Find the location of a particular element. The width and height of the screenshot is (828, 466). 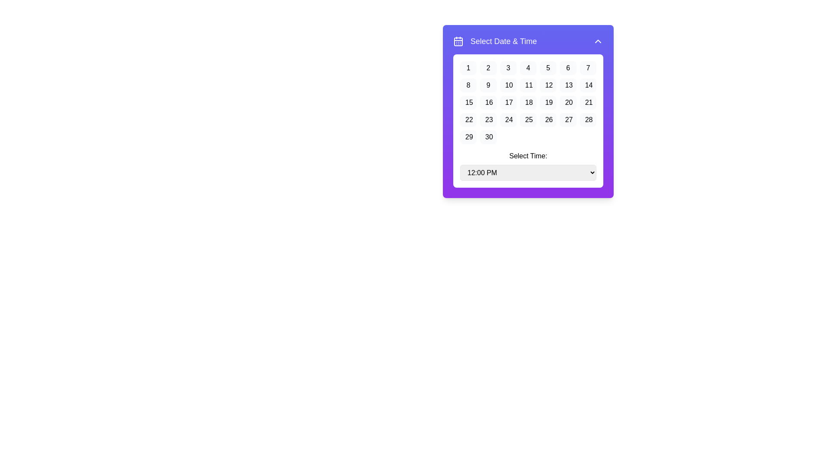

the selectable button for the number '7' in the 'Select Date & Time' modal is located at coordinates (587, 68).